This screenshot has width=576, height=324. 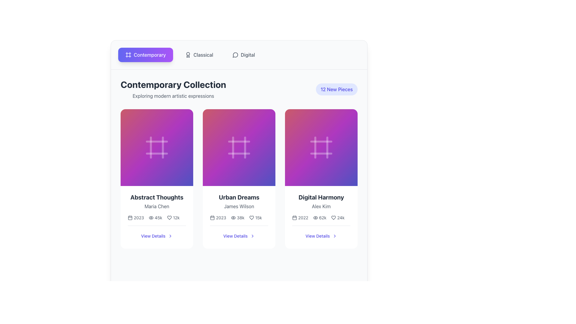 What do you see at coordinates (243, 55) in the screenshot?
I see `the 'Digital' category button, which is the third button in a row of three at the top of the page, to update the content` at bounding box center [243, 55].